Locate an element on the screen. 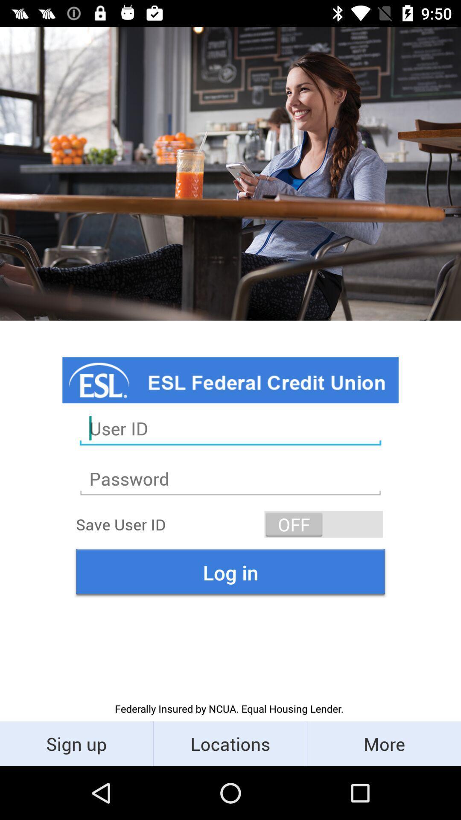 This screenshot has height=820, width=461. the icon below the federally insured by is located at coordinates (76, 743).